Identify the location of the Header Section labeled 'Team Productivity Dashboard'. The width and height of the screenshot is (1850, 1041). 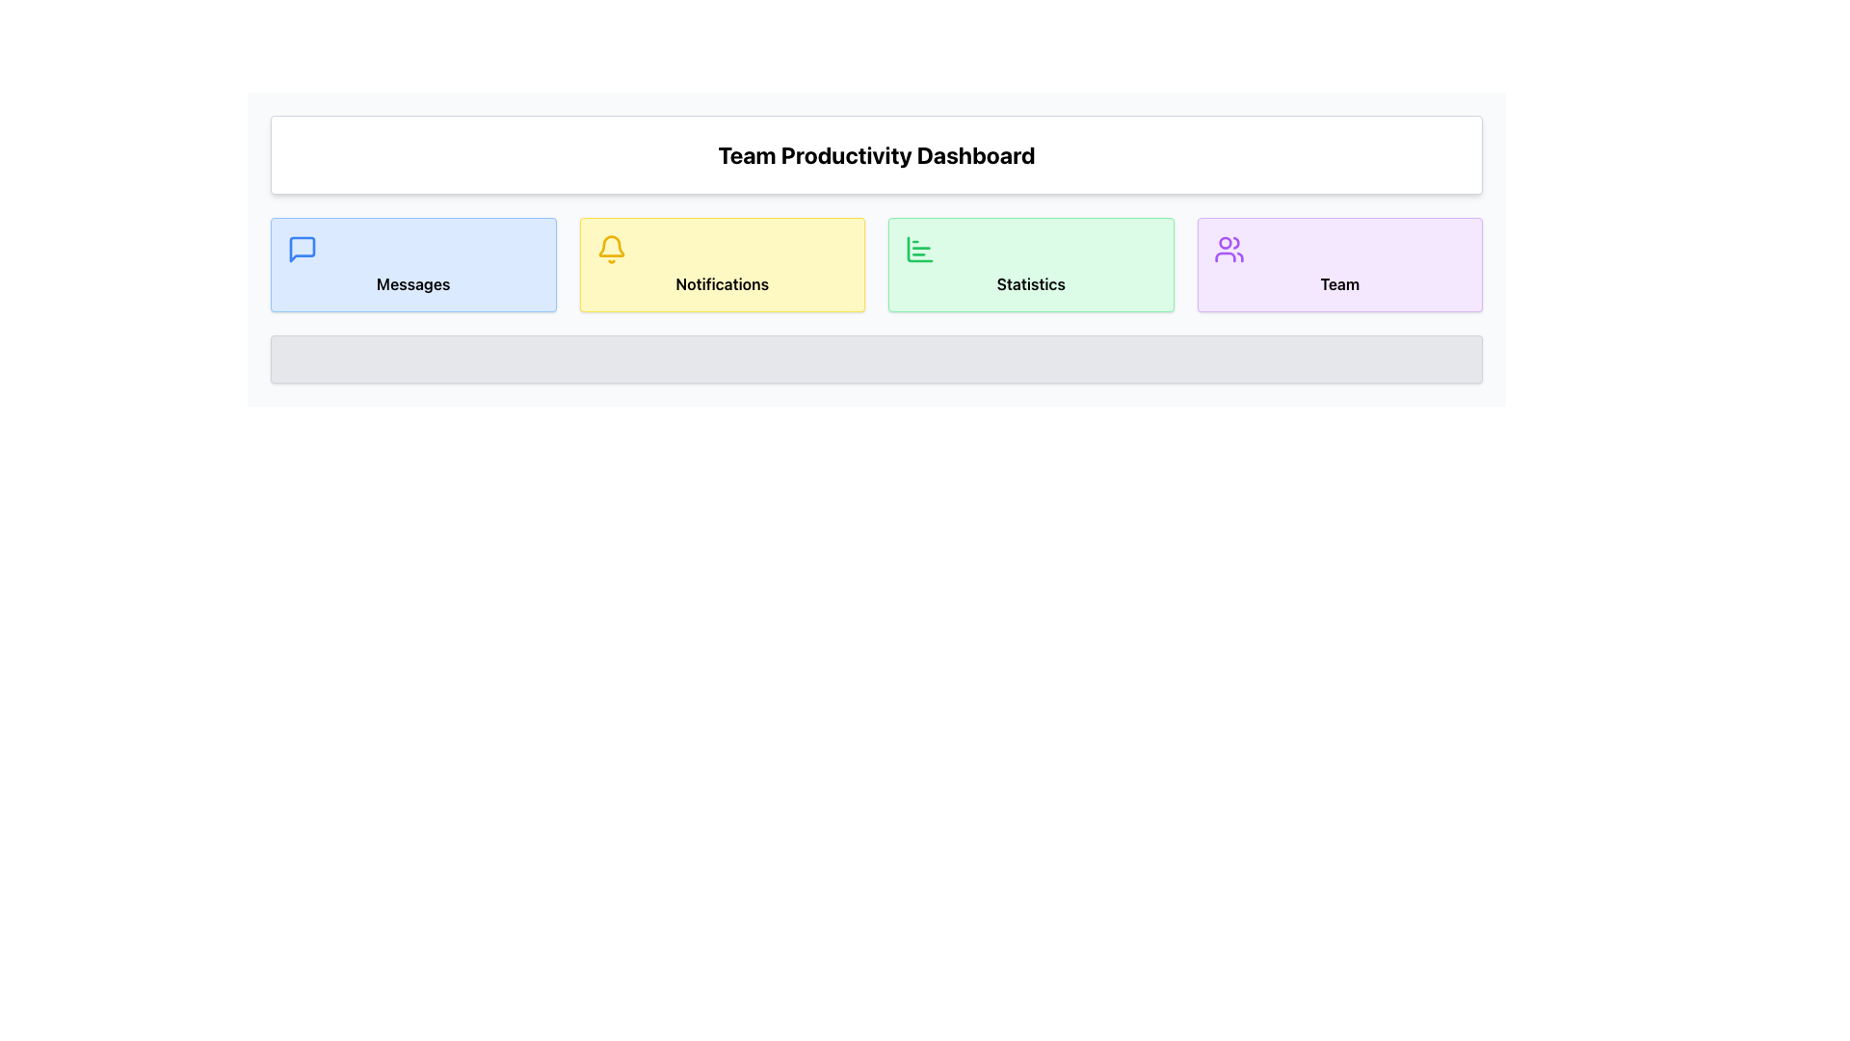
(876, 154).